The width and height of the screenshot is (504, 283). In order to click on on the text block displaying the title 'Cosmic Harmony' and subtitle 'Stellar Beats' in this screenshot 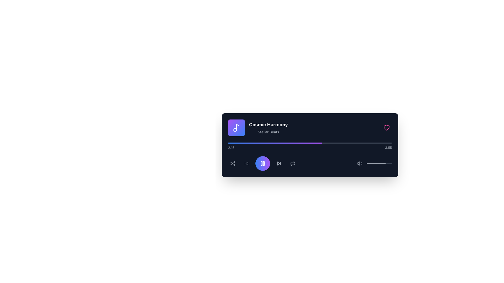, I will do `click(258, 128)`.